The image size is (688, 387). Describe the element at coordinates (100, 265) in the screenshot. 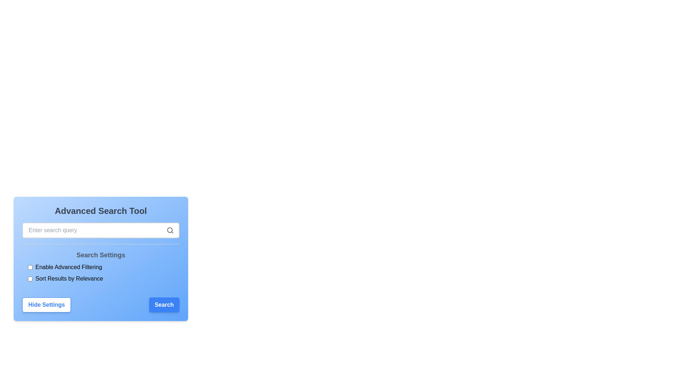

I see `the checkboxes in the 'Advanced Search Tool' to check or uncheck the options for 'Enable Advanced Filtering' and 'Sort Results by Relevance'` at that location.